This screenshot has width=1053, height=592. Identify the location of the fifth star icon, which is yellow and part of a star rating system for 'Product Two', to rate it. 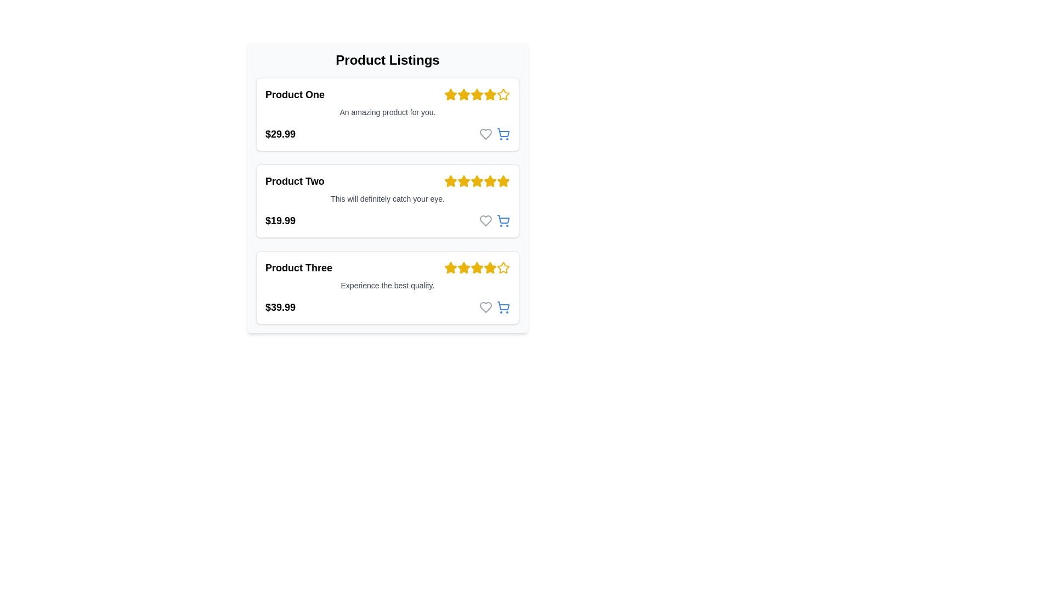
(489, 181).